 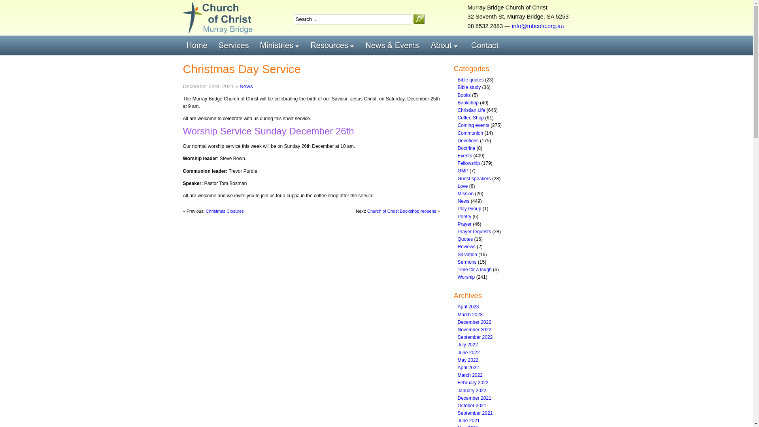 I want to click on 'Time for a laugh', so click(x=457, y=269).